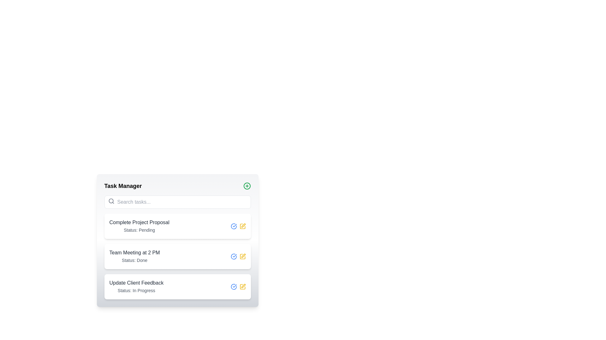 The height and width of the screenshot is (340, 606). What do you see at coordinates (233, 226) in the screenshot?
I see `the checkmark icon that indicates task completion, located to the immediate left of the yellow 'edit' icon for the task 'Complete Project Proposal.'` at bounding box center [233, 226].